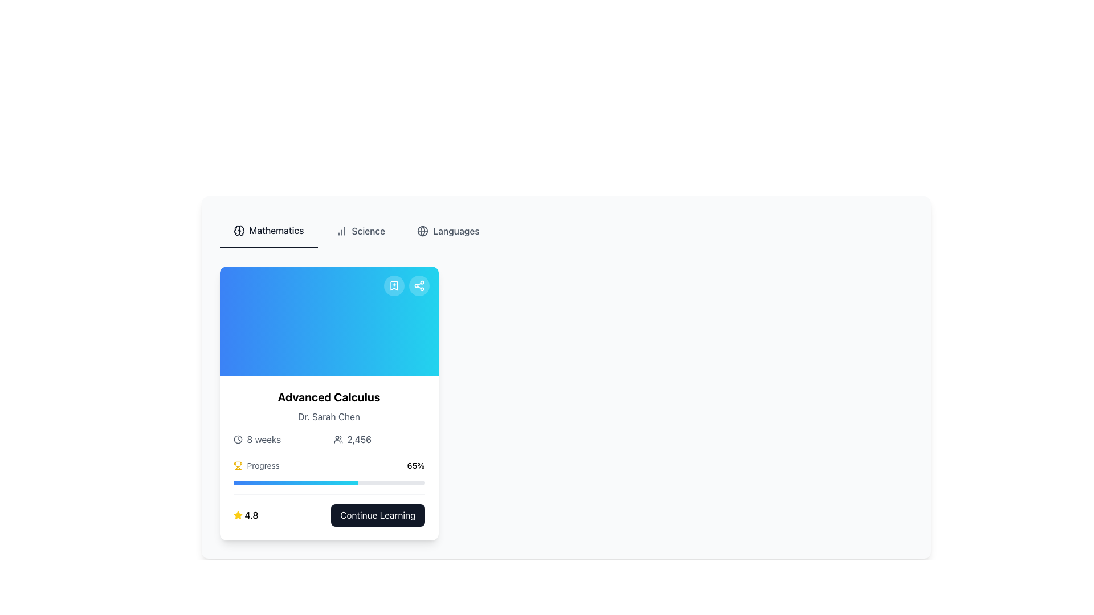 This screenshot has height=615, width=1094. Describe the element at coordinates (418, 285) in the screenshot. I see `the circular button with a translucent white background and a share icon located in the top-right corner of the 'Advanced Calculus' card` at that location.